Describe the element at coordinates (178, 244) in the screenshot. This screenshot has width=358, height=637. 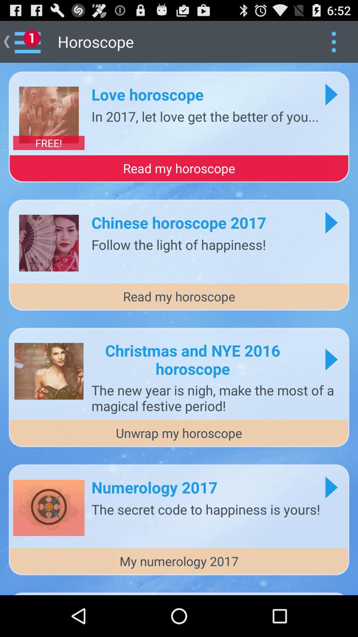
I see `app below the chinese horoscope 2017 item` at that location.